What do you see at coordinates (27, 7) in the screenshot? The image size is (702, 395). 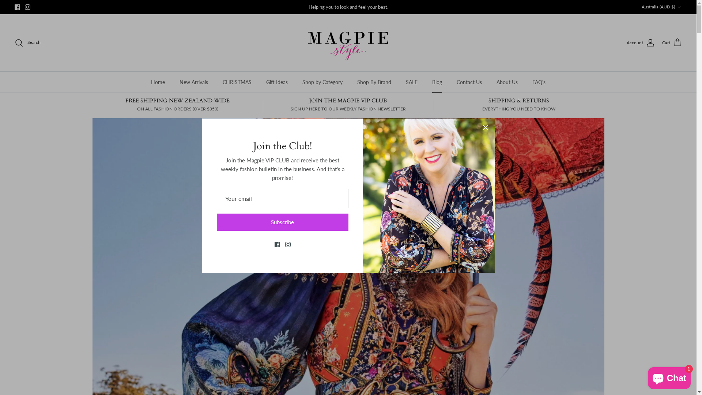 I see `'Instagram'` at bounding box center [27, 7].